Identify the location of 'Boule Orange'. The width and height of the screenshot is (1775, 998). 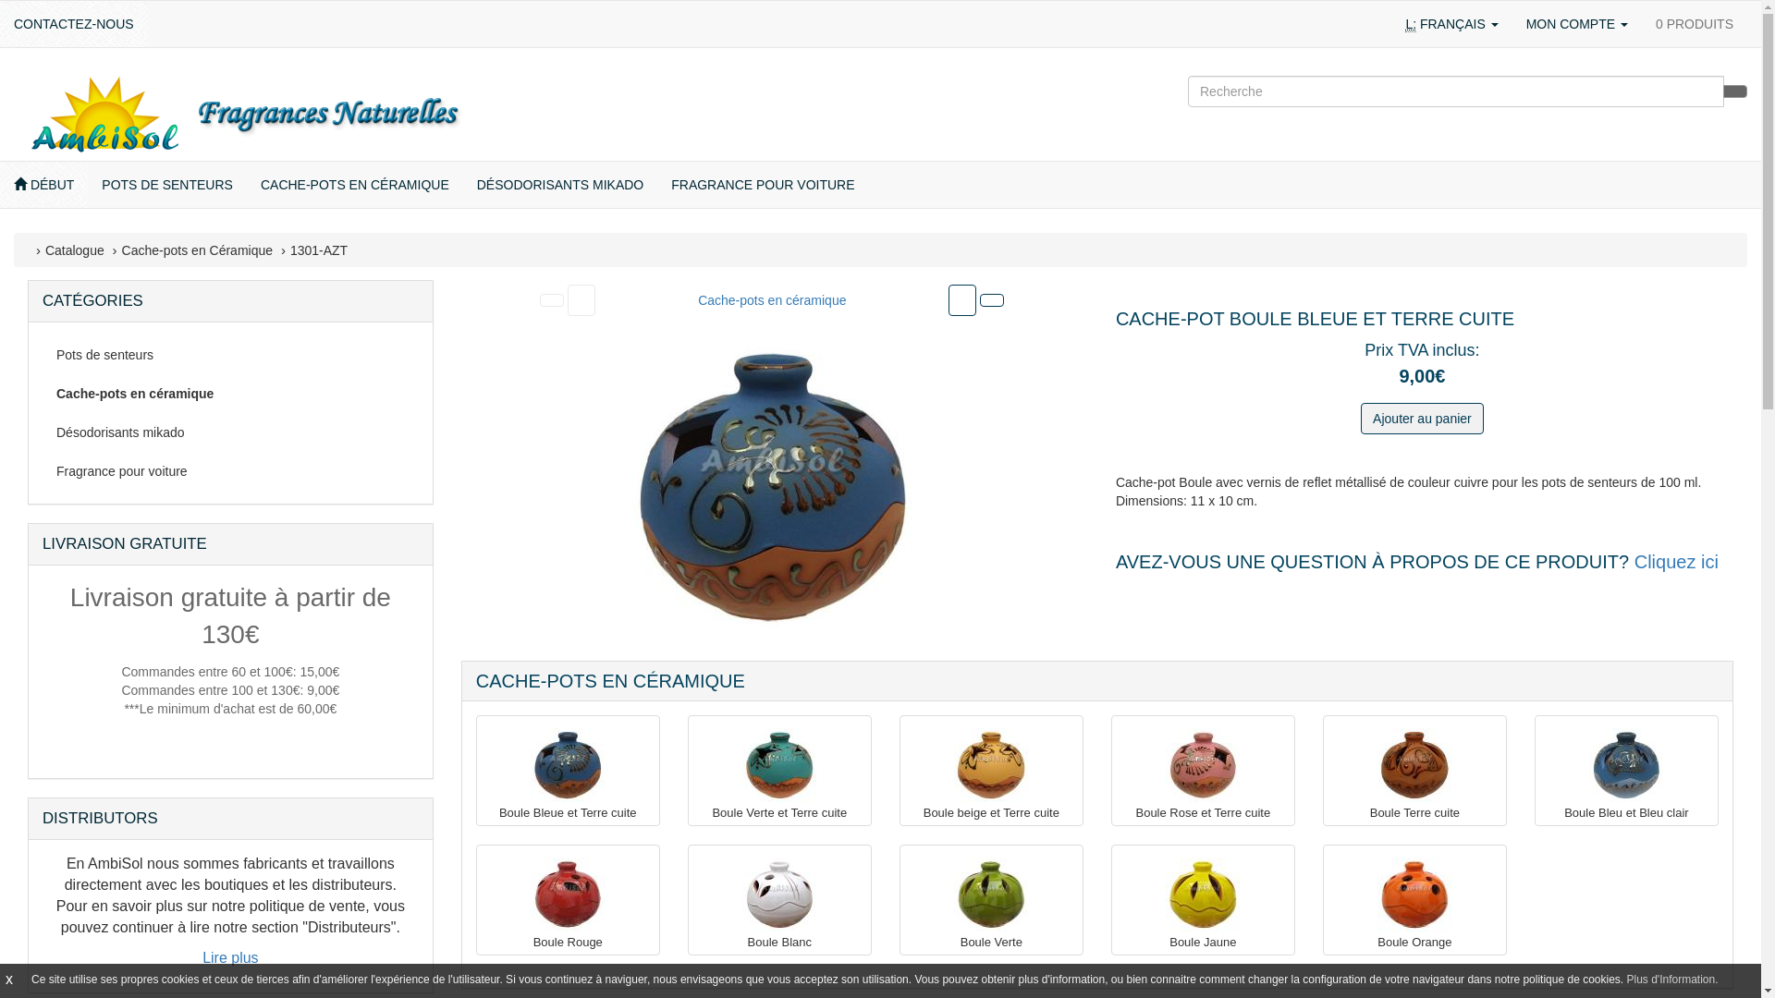
(1414, 894).